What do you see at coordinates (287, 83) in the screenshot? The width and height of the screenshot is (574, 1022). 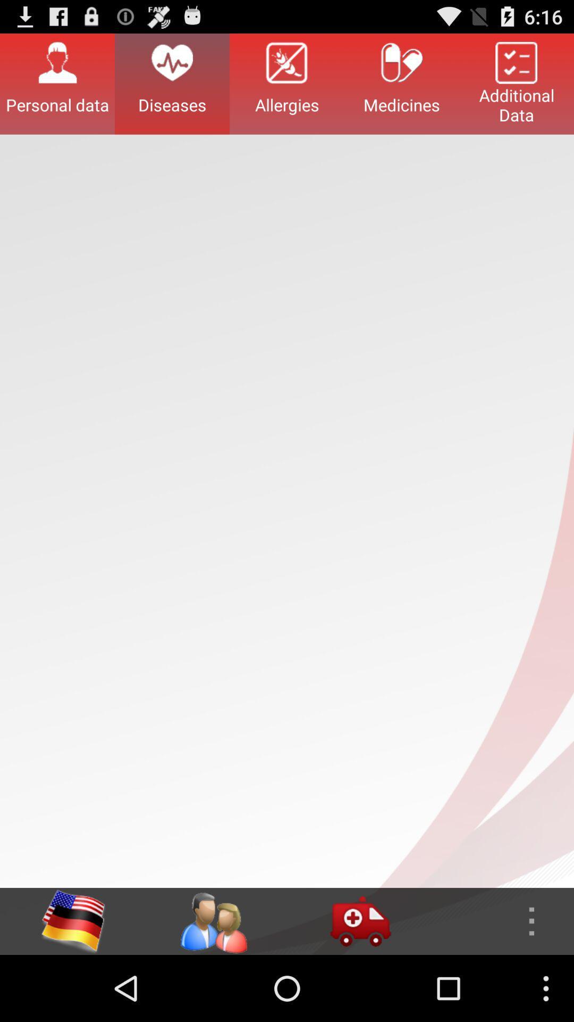 I see `icon next to diseases button` at bounding box center [287, 83].